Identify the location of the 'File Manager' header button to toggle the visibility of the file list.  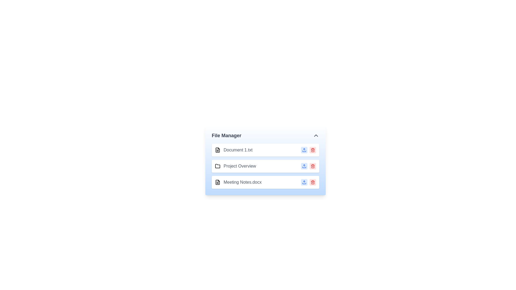
(266, 135).